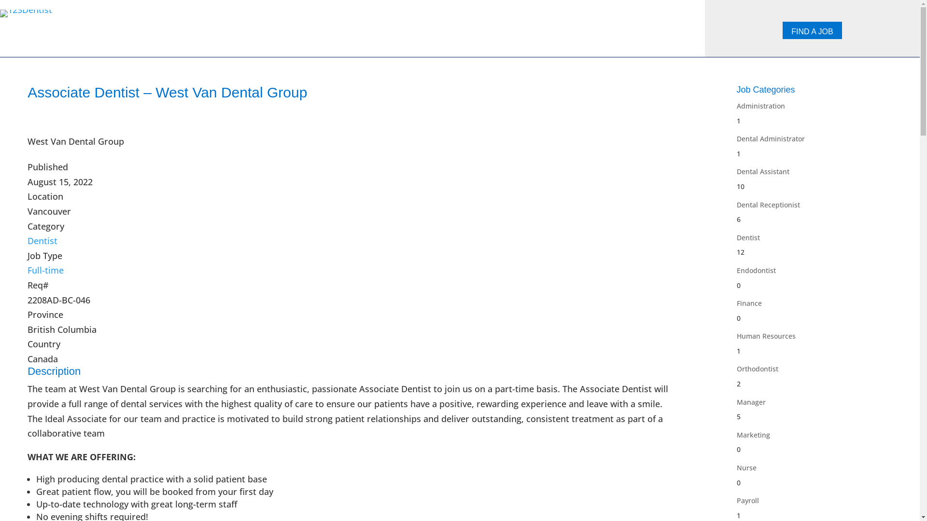 This screenshot has width=927, height=521. I want to click on 'Dental Administrator', so click(770, 138).